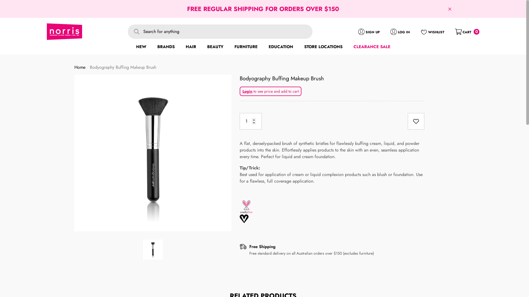 The height and width of the screenshot is (297, 529). I want to click on 'Home', so click(79, 67).